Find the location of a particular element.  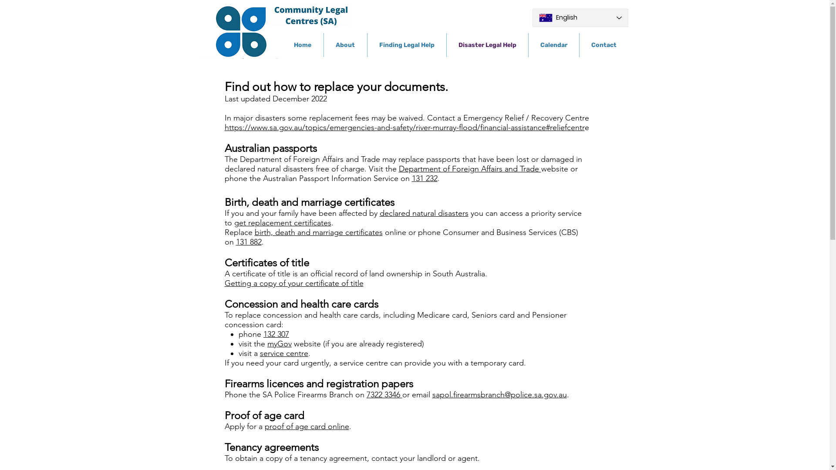

'Getting a copy of your certificate of title' is located at coordinates (224, 283).